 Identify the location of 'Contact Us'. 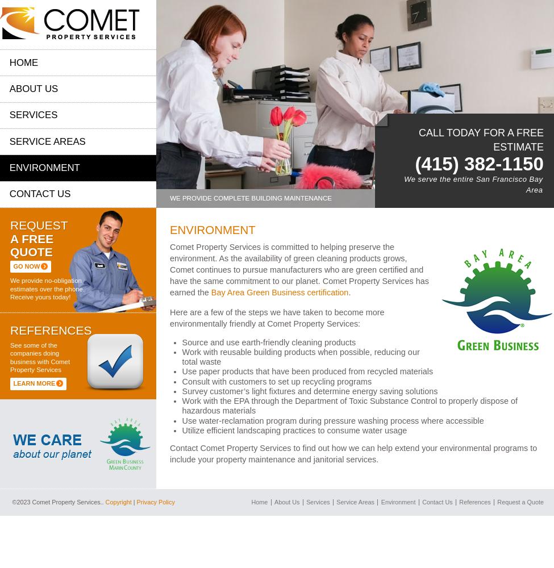
(40, 193).